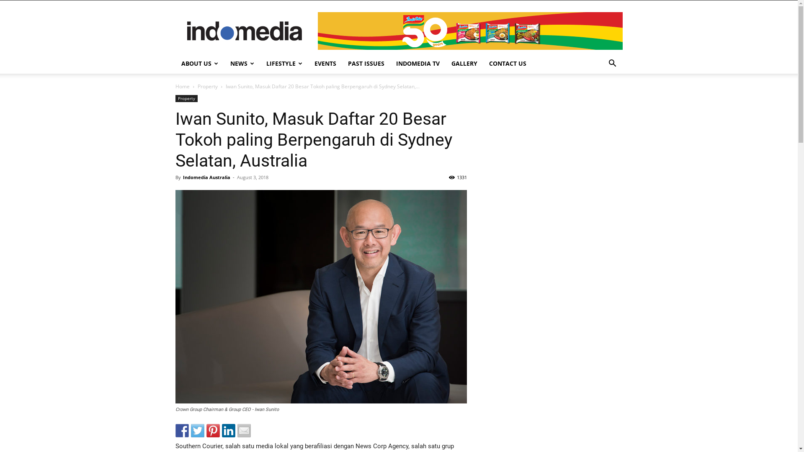 Image resolution: width=804 pixels, height=452 pixels. I want to click on 'ABOUT US', so click(199, 63).